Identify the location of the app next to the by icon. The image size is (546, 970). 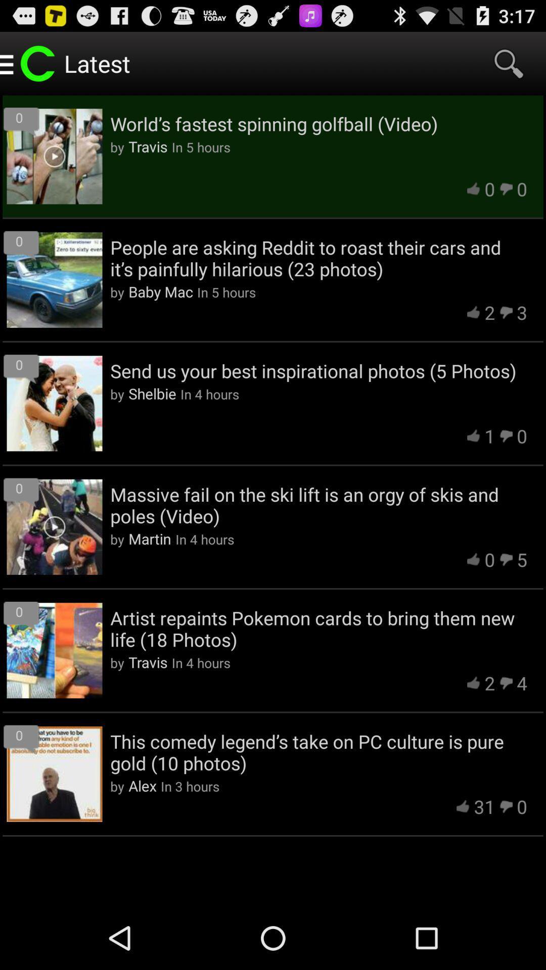
(142, 785).